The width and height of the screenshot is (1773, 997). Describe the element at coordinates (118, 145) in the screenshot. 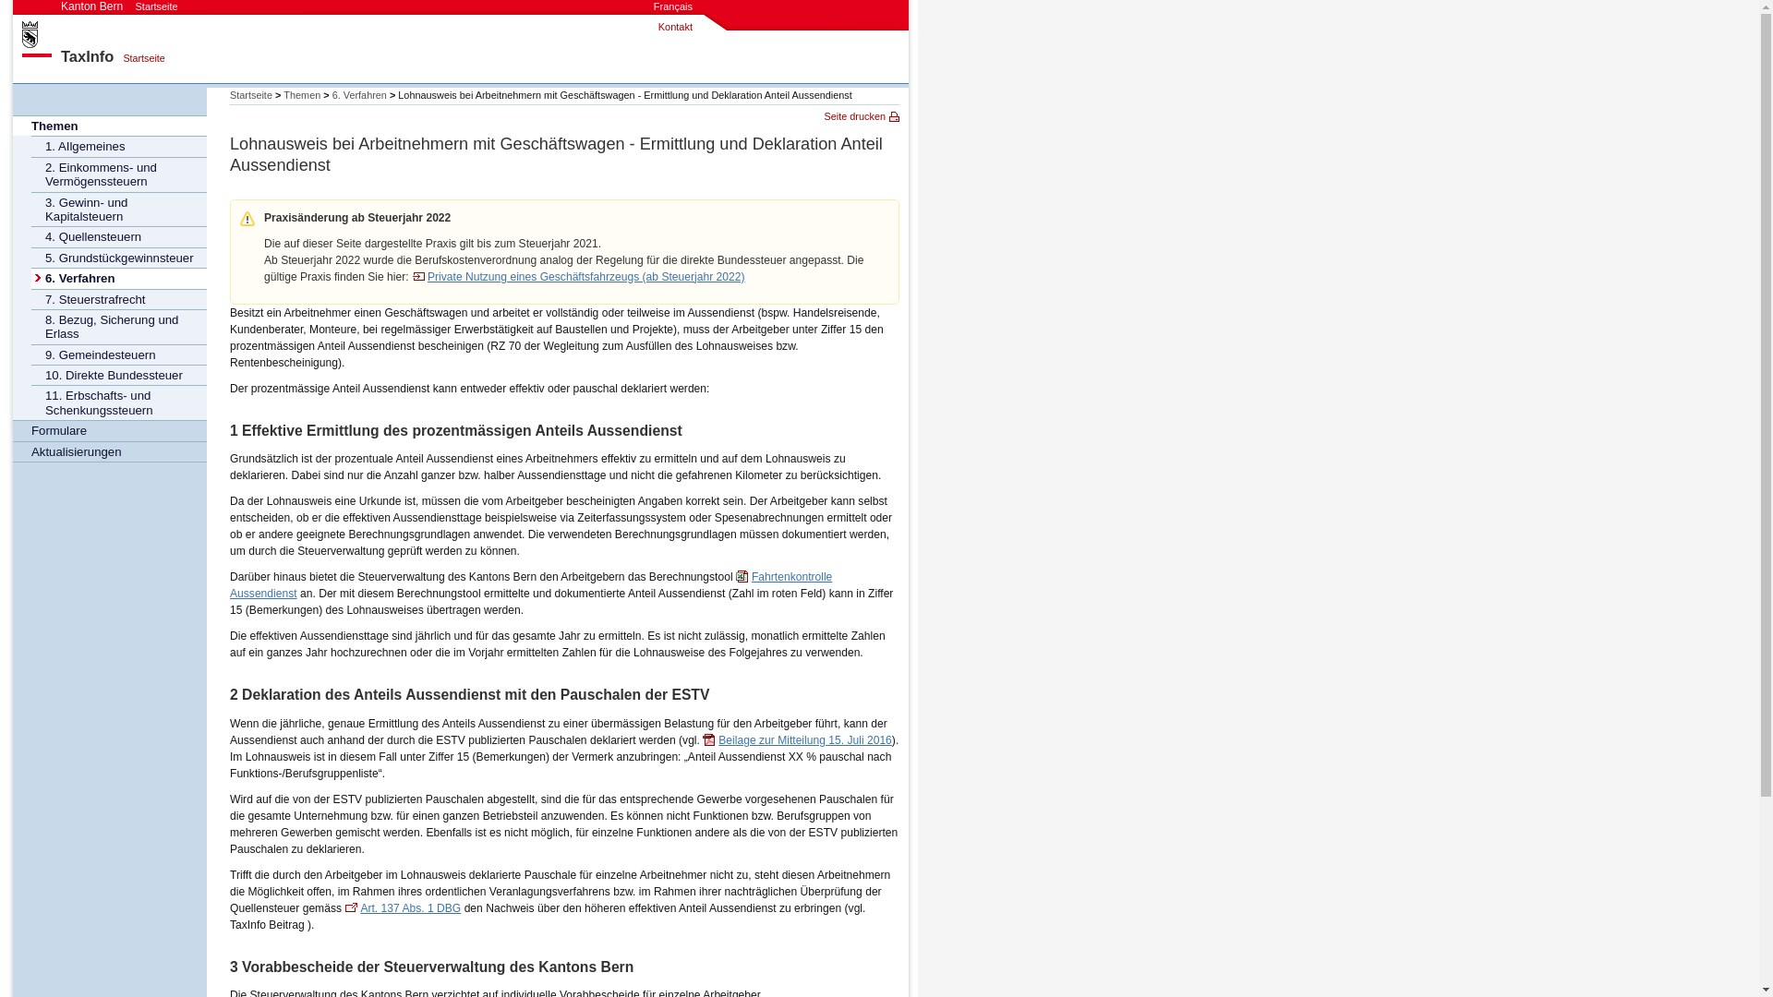

I see `'1. AIlgemeines'` at that location.